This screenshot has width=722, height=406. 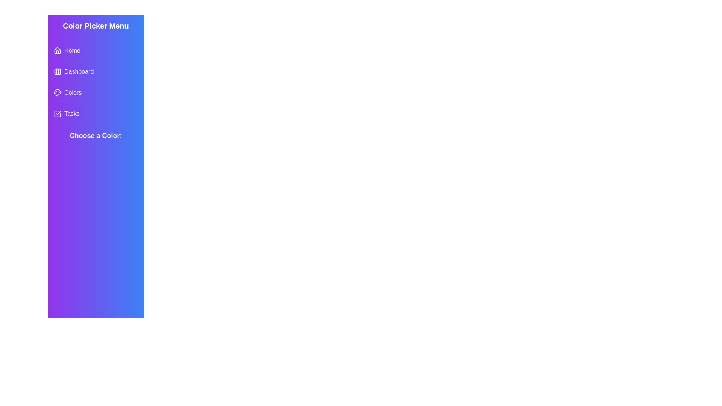 I want to click on the static text label that reads 'Choose a Color:' located in the left sidebar, which features large, bold typography with white text on a gradient background from purple to blue, so click(x=95, y=136).